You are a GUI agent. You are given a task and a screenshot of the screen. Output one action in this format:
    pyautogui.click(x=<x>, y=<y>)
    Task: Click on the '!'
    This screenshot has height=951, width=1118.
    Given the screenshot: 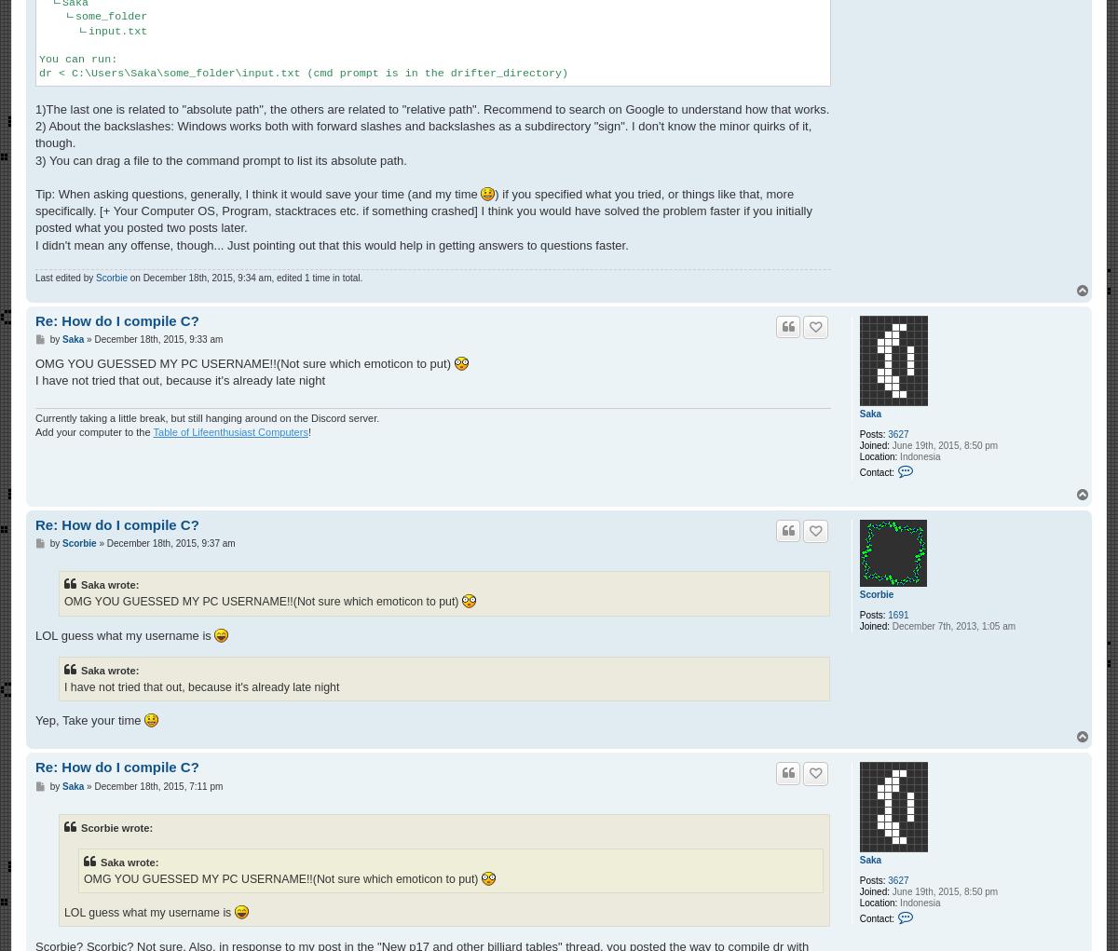 What is the action you would take?
    pyautogui.click(x=308, y=432)
    